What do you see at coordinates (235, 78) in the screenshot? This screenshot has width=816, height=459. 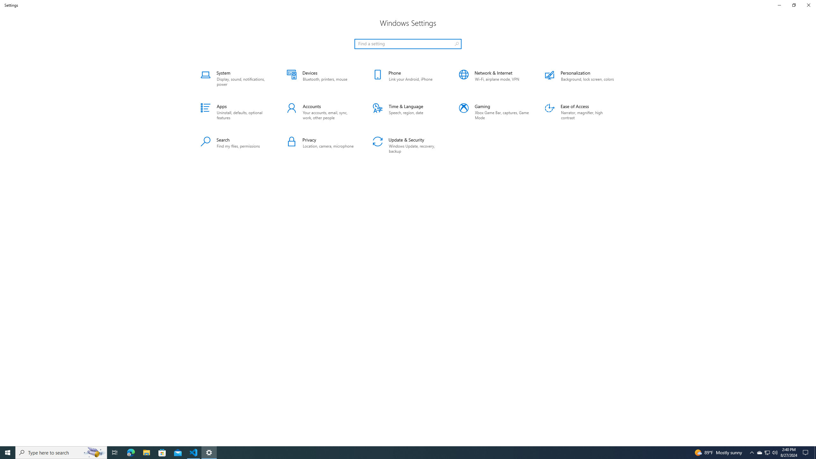 I see `'System'` at bounding box center [235, 78].